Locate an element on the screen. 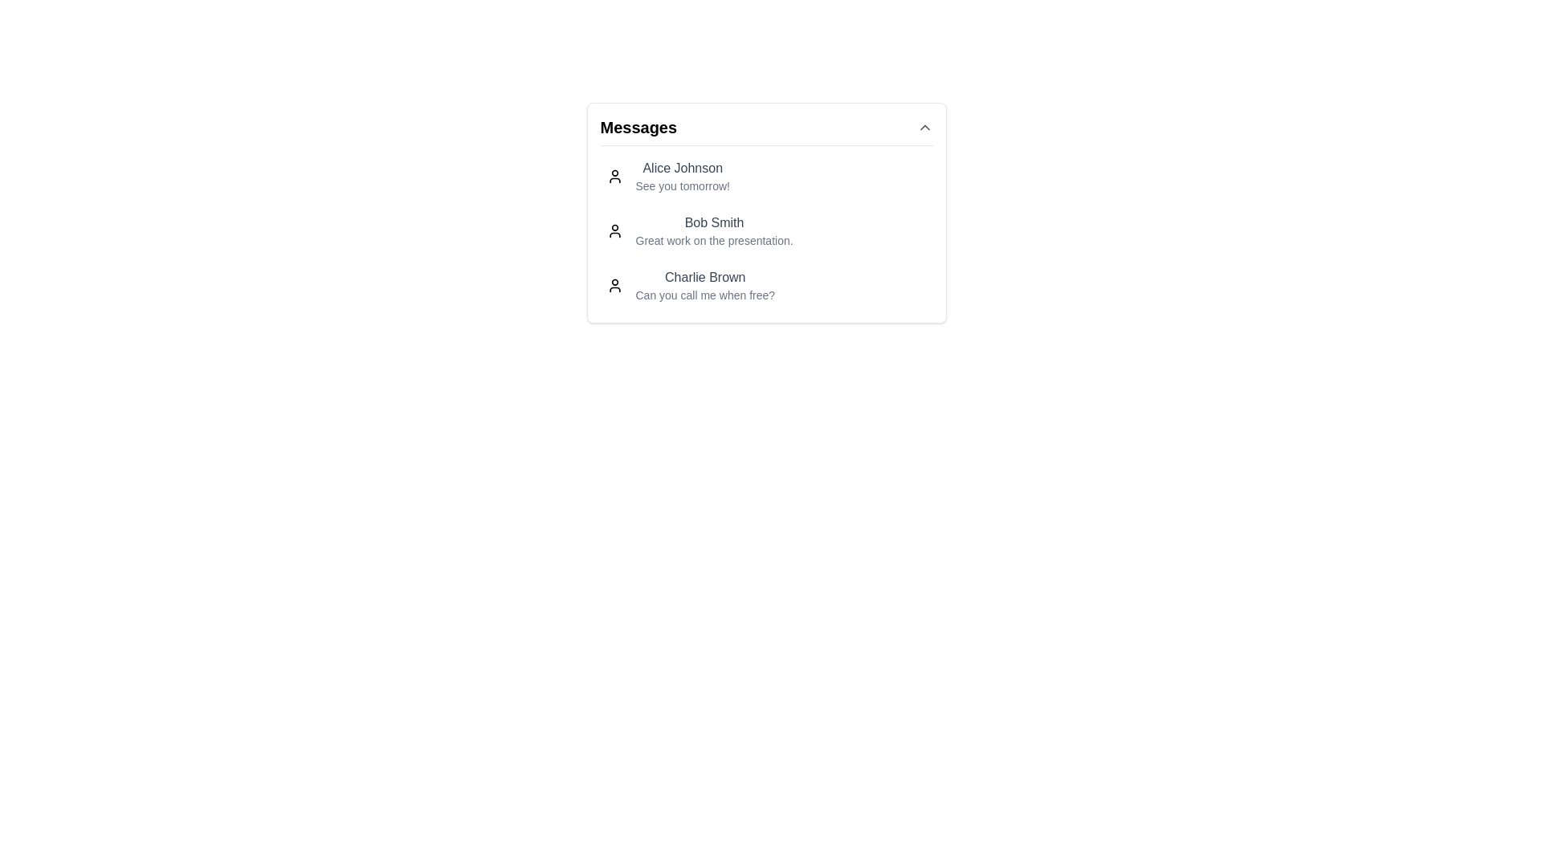 This screenshot has width=1542, height=867. the user profile icon representing 'Charlie Brown' located to the left of the message text in the third item of the 'Messages' section is located at coordinates (614, 284).